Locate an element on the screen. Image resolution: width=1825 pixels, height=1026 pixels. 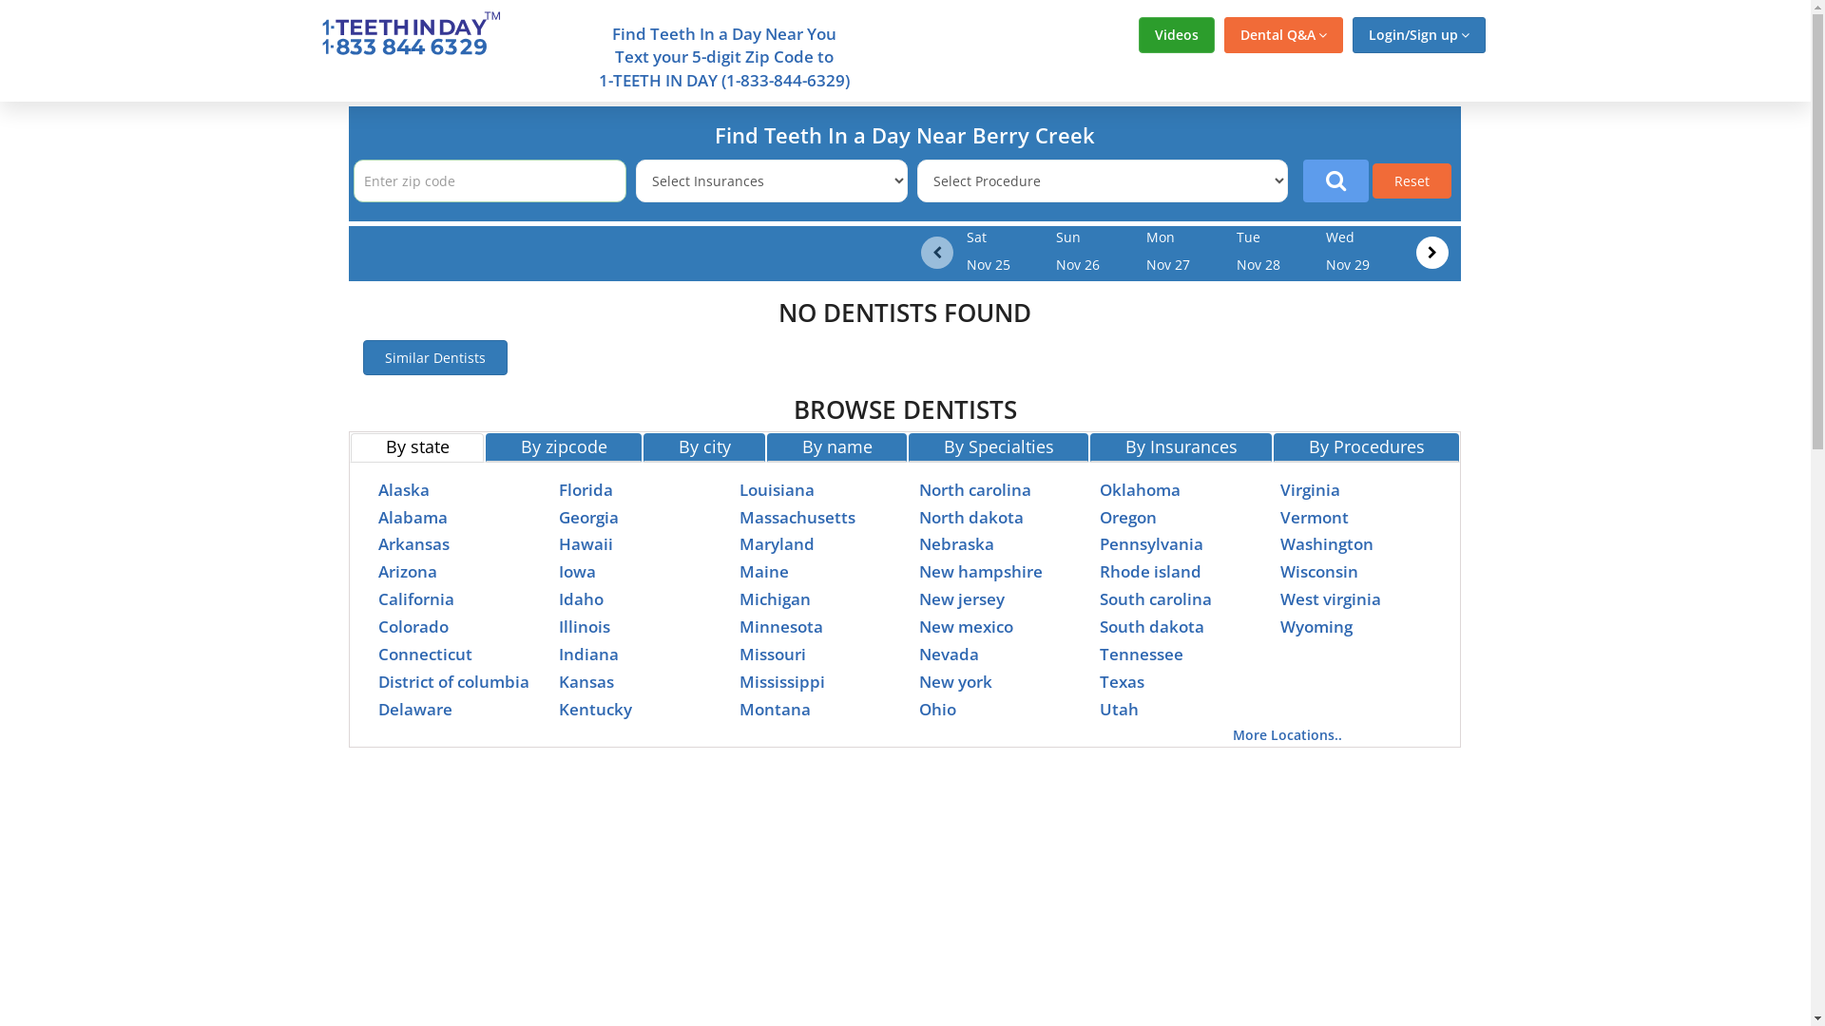
'Arkansas' is located at coordinates (413, 543).